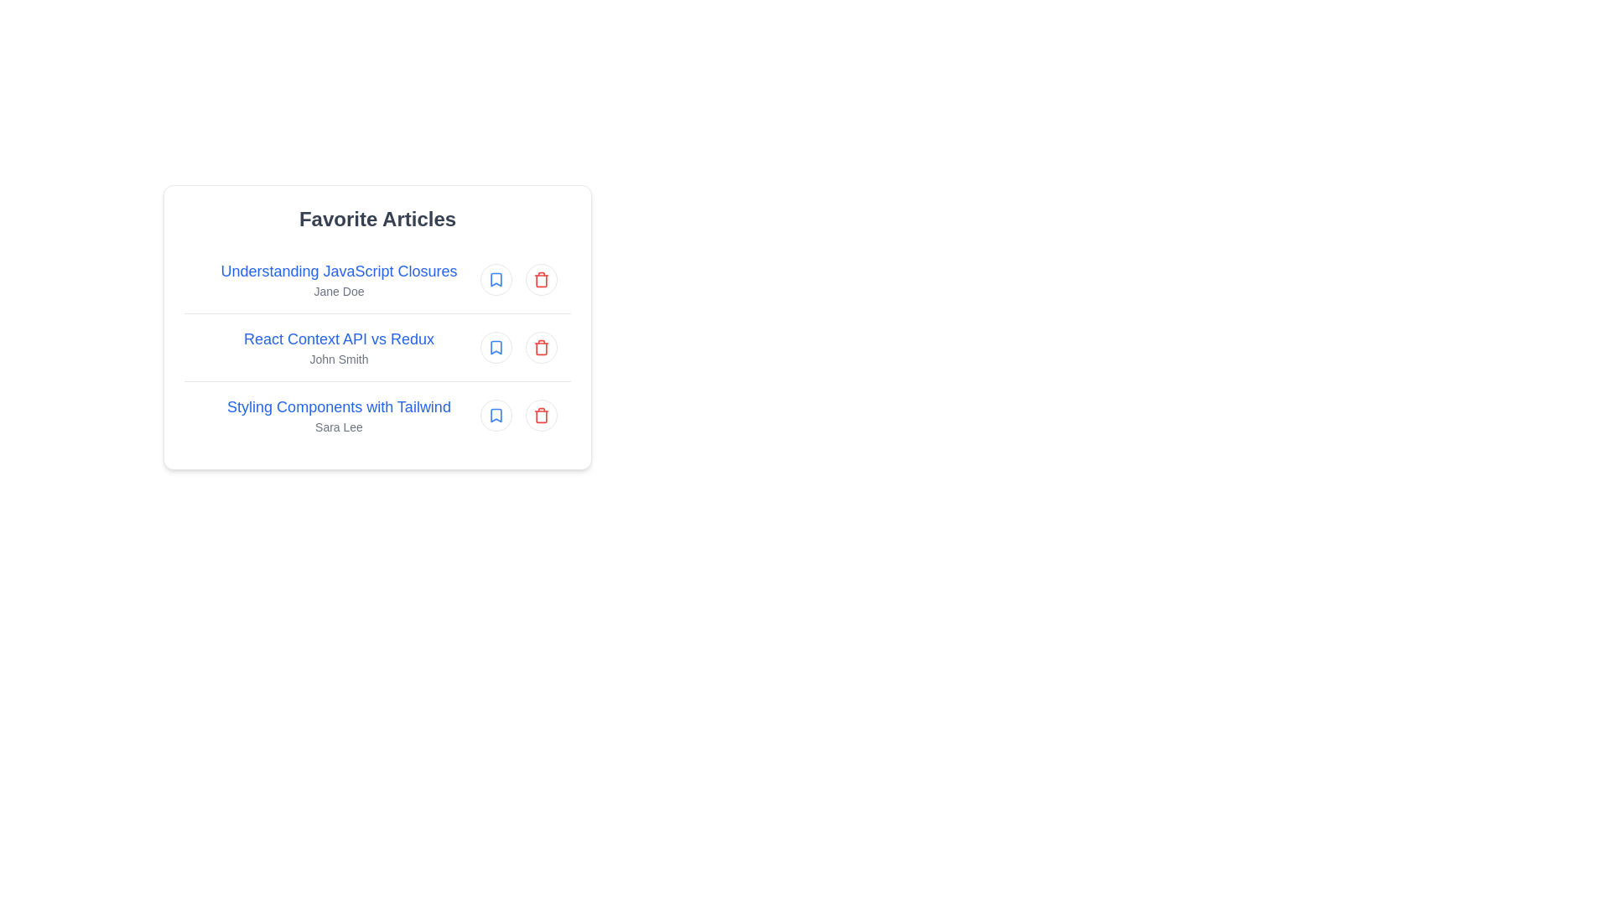 Image resolution: width=1610 pixels, height=905 pixels. Describe the element at coordinates (542, 347) in the screenshot. I see `the delete icon for the article titled React Context API vs Redux` at that location.